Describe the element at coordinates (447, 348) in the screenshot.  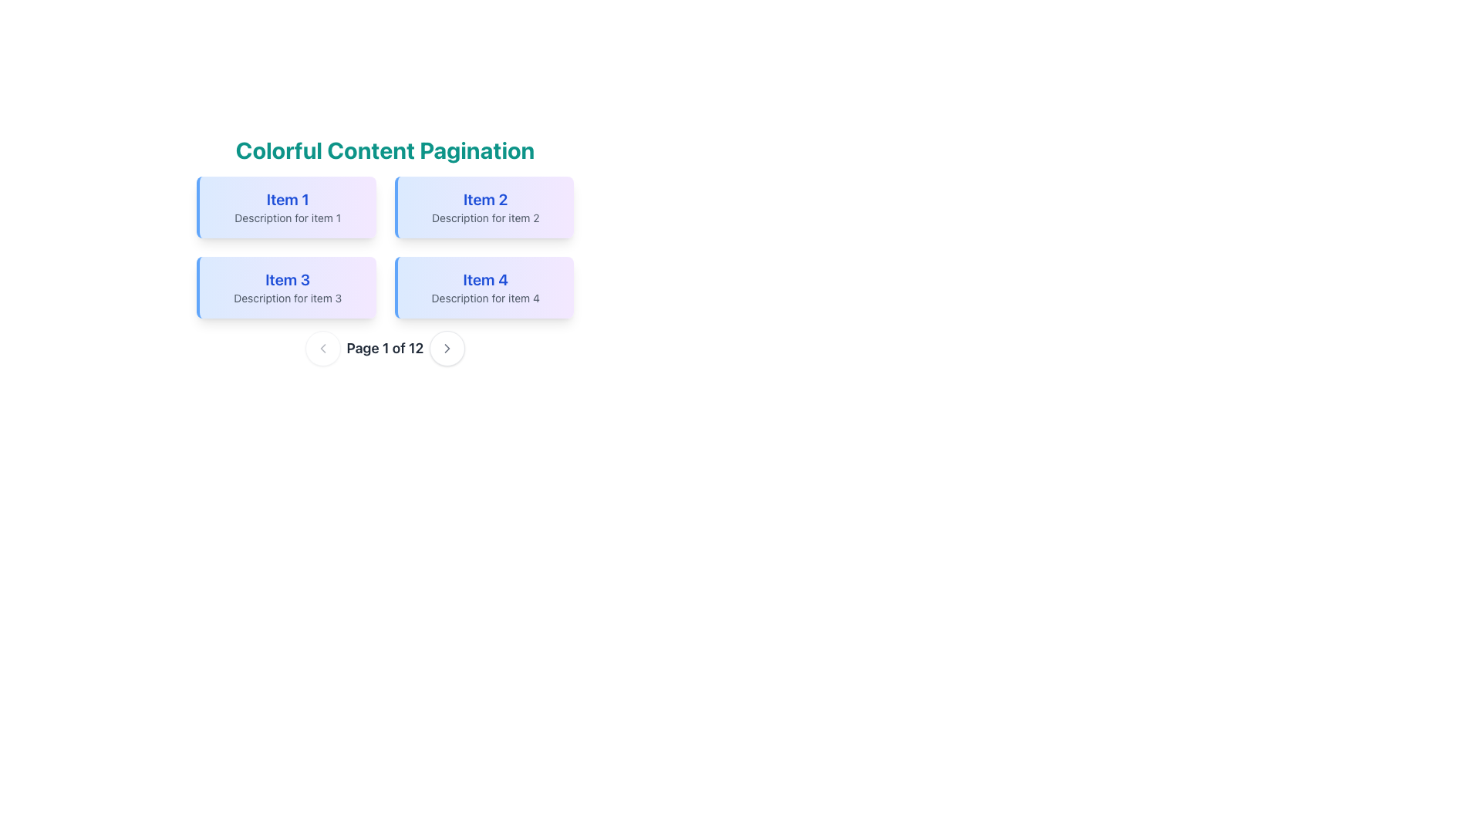
I see `the rightward-facing chevron arrow icon used for navigation located in the pagination controls` at that location.